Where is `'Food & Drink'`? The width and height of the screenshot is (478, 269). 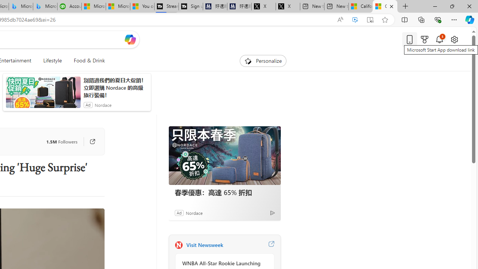 'Food & Drink' is located at coordinates (89, 61).